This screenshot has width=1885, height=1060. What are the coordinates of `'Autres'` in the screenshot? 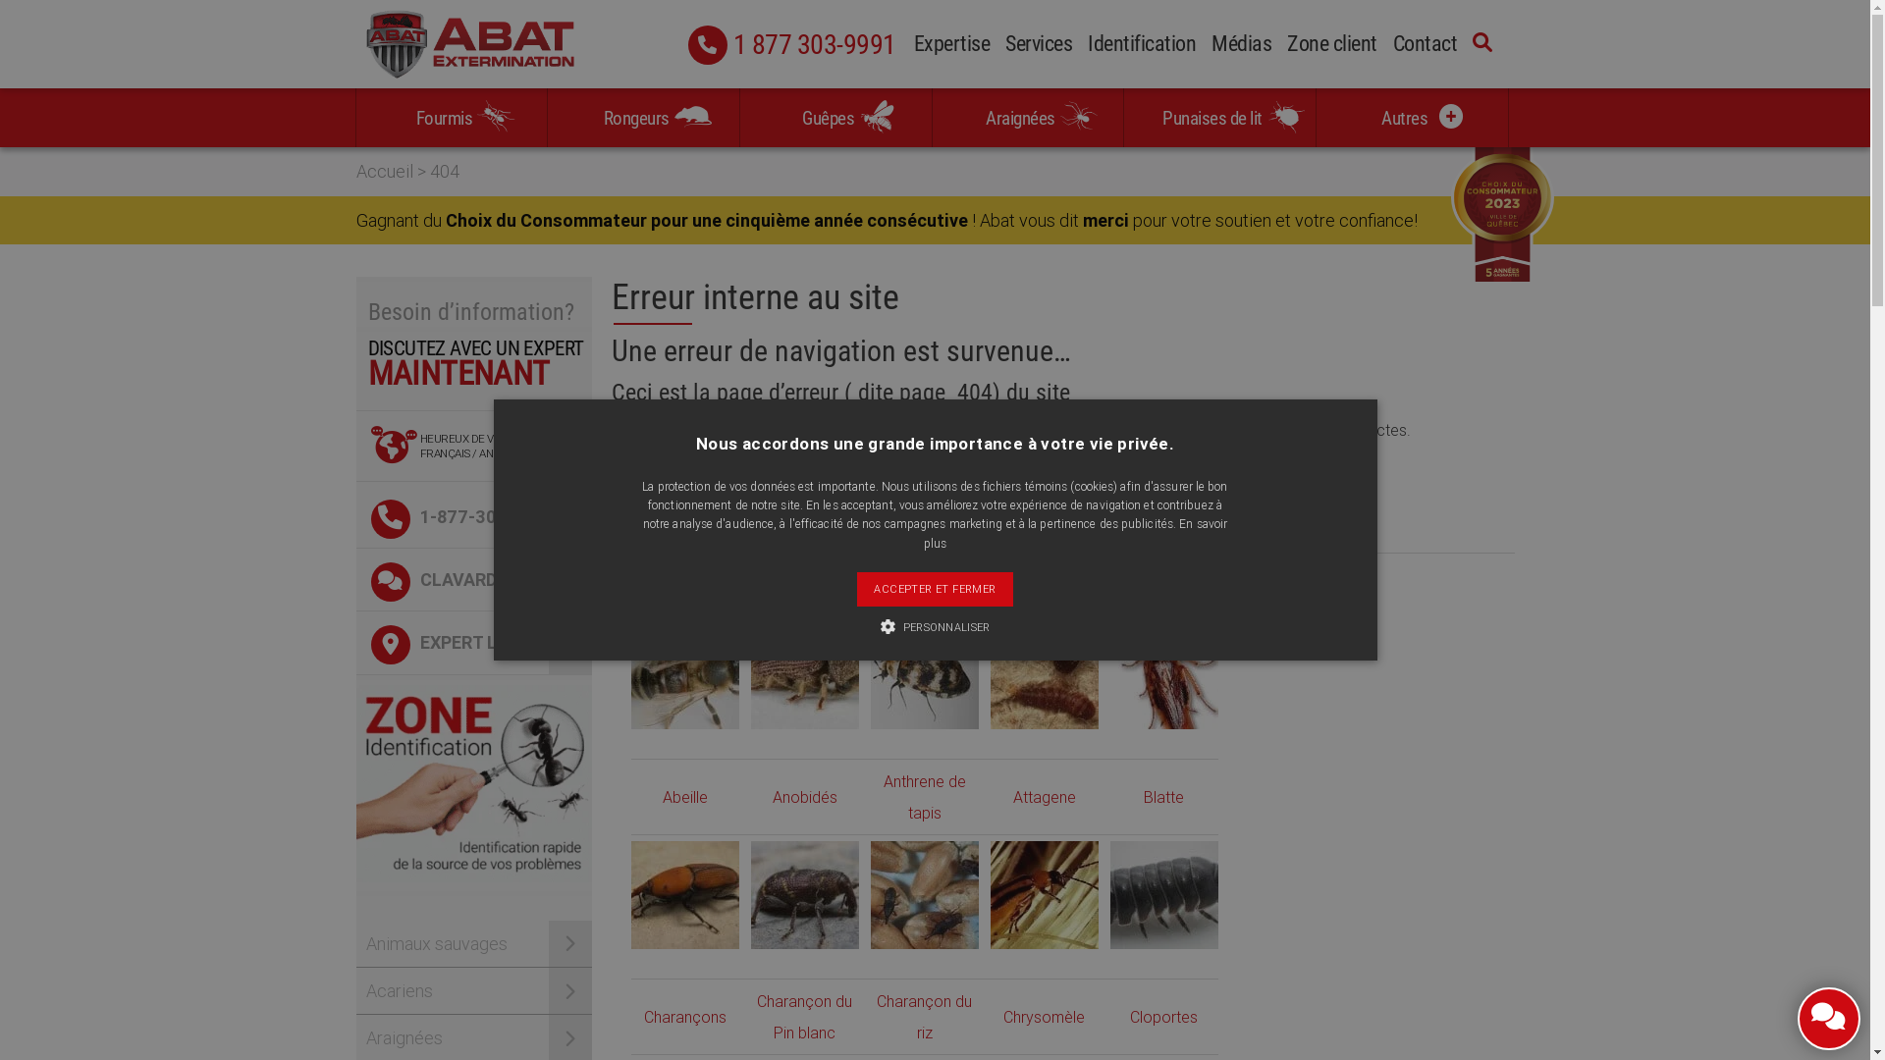 It's located at (1411, 117).